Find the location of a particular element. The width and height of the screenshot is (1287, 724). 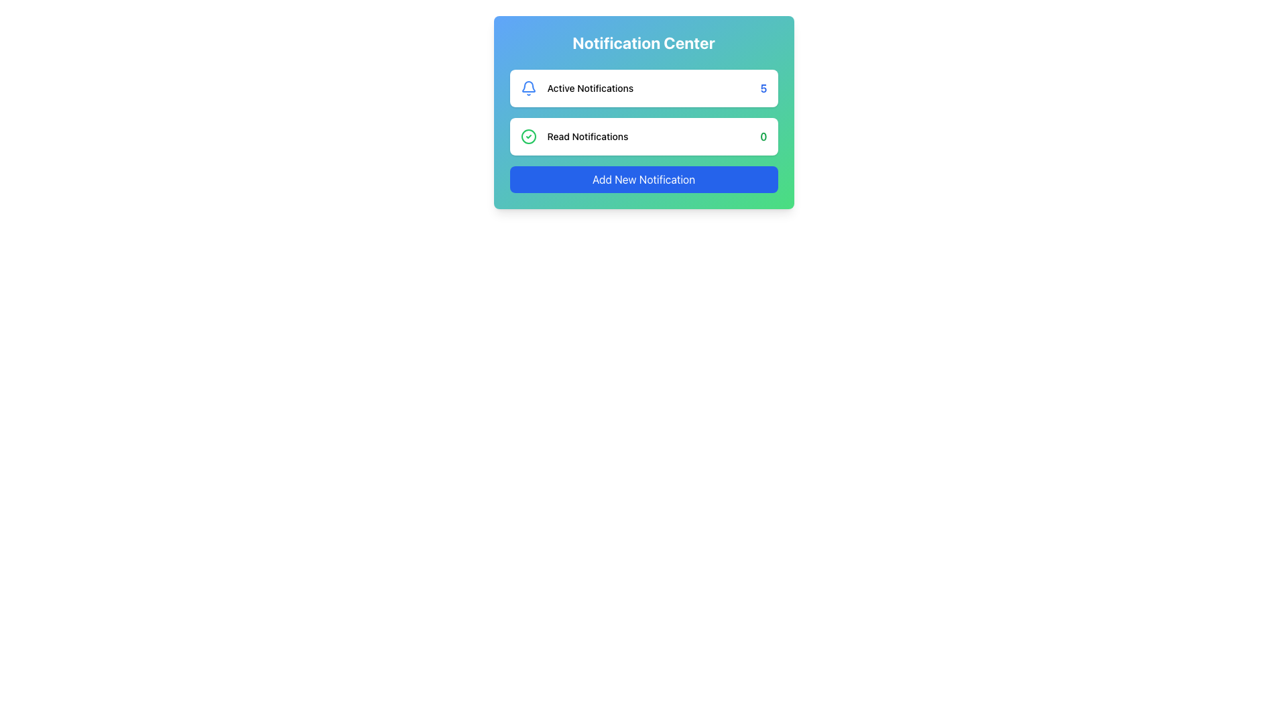

the notification section by clicking on the bell-shaped icon with a blue outline, which is positioned next to the text 'Active Notifications' is located at coordinates (528, 88).